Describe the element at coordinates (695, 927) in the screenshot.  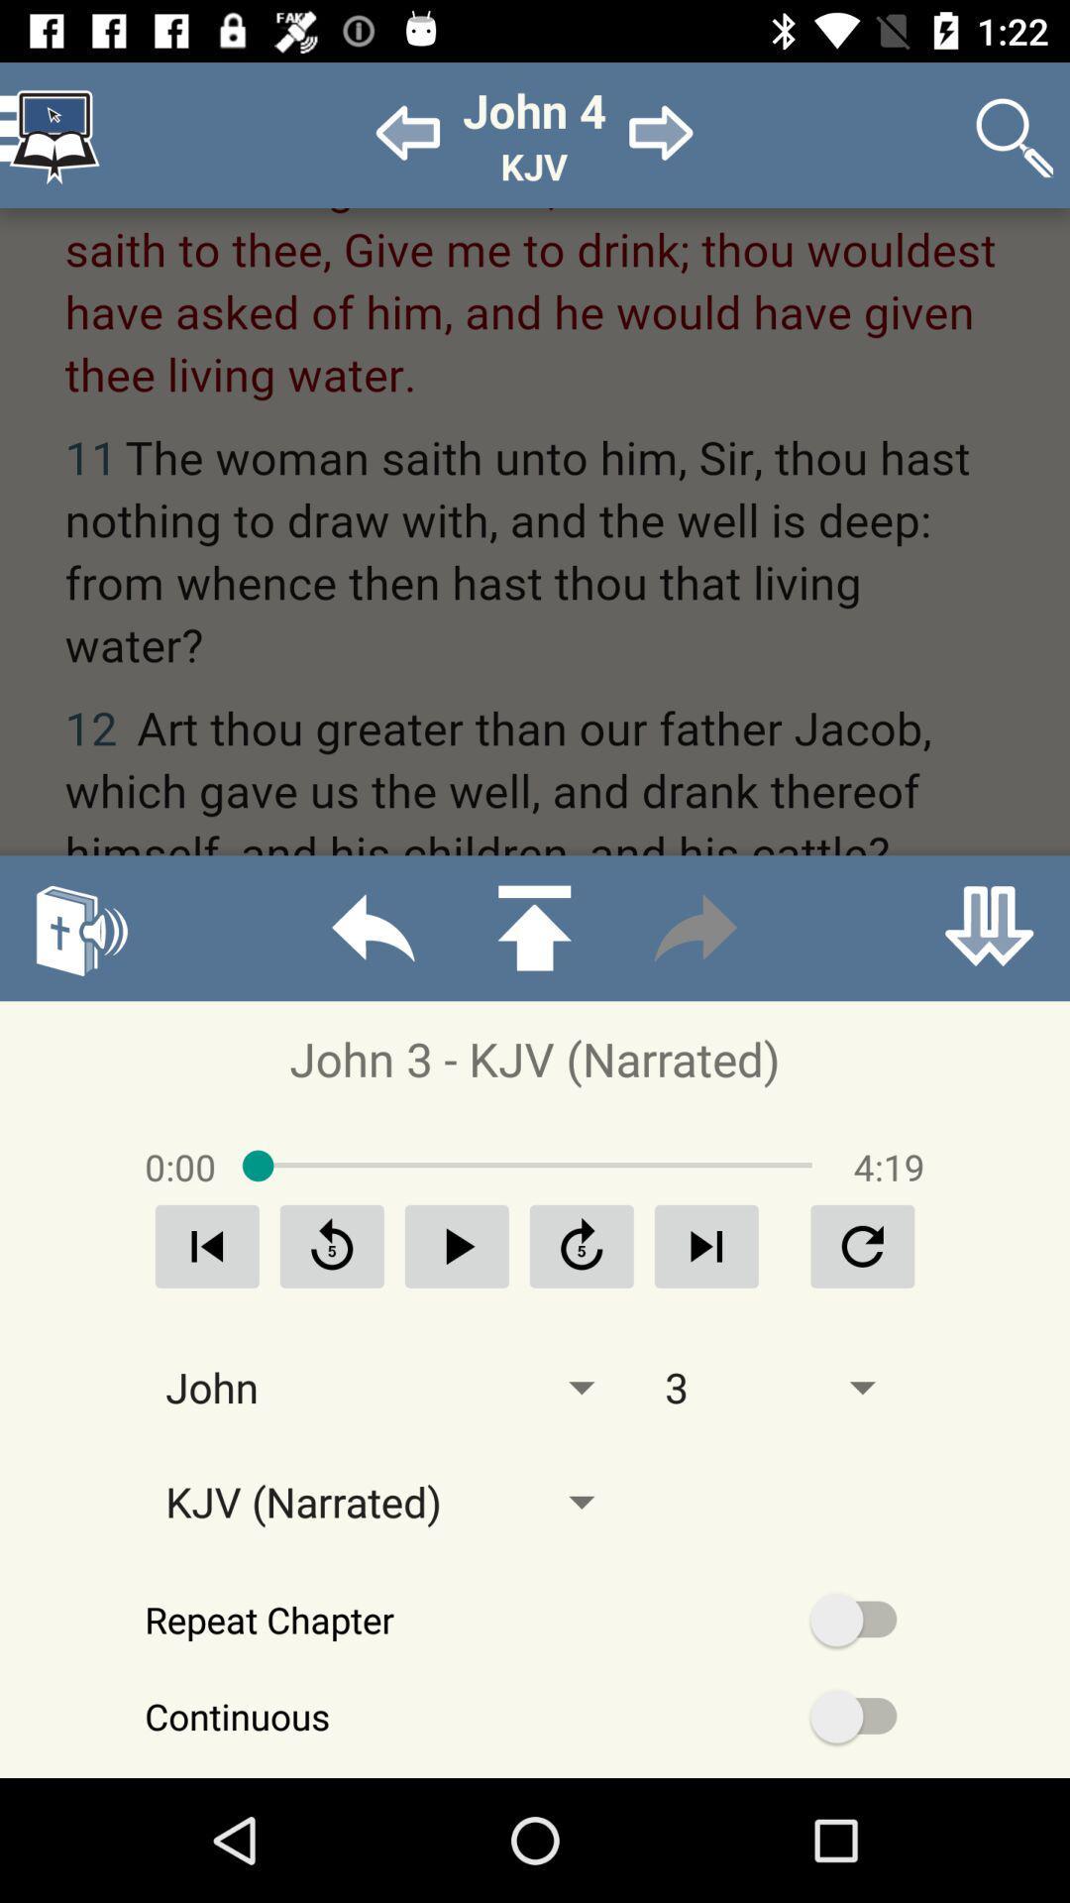
I see `the redo icon` at that location.